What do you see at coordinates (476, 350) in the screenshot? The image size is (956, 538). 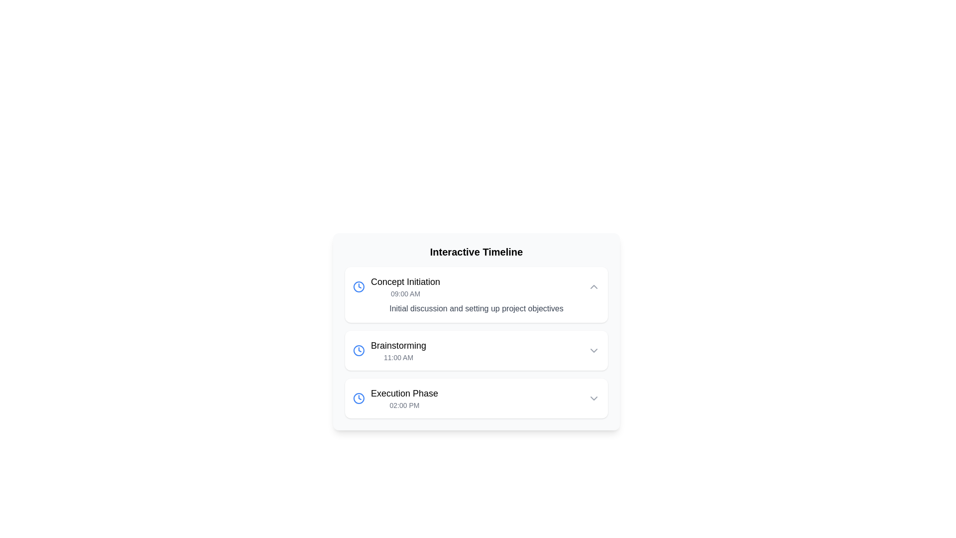 I see `the timeline entry labeled 'Brainstorming' at 11:00 AM to navigate to a detailed view of the event` at bounding box center [476, 350].